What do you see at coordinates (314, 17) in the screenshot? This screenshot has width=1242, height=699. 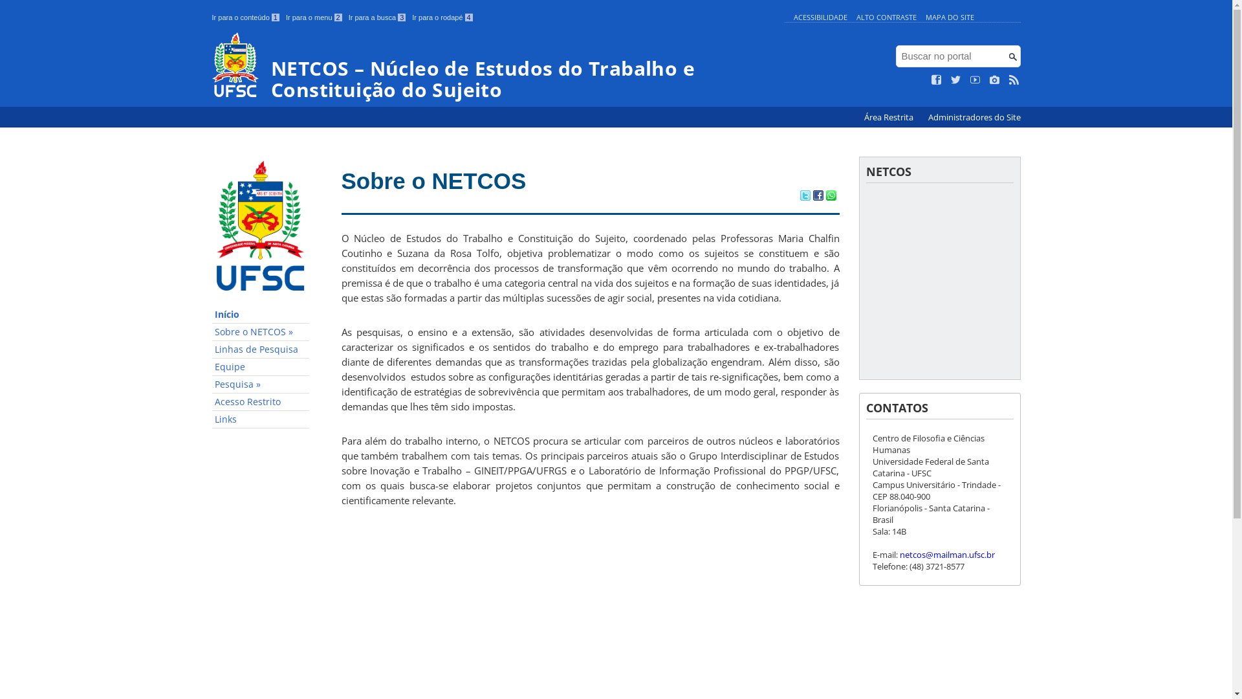 I see `'Ir para o menu 2'` at bounding box center [314, 17].